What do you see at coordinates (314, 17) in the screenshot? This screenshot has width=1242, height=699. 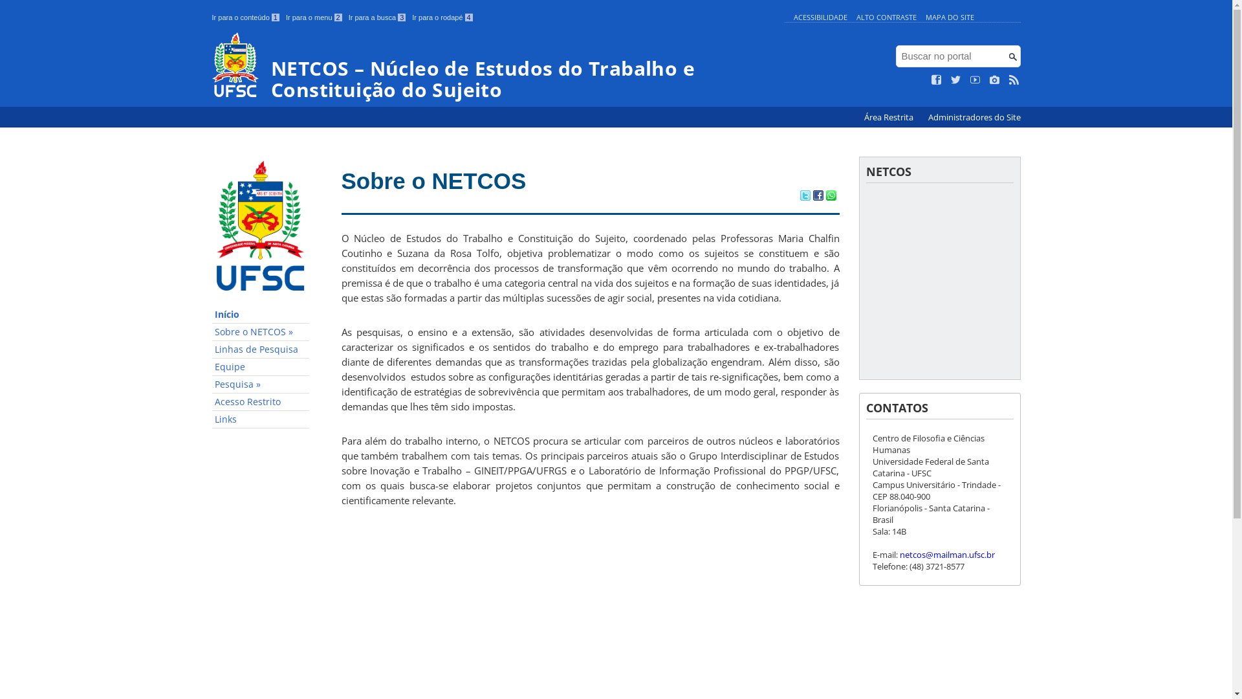 I see `'Ir para o menu 2'` at bounding box center [314, 17].